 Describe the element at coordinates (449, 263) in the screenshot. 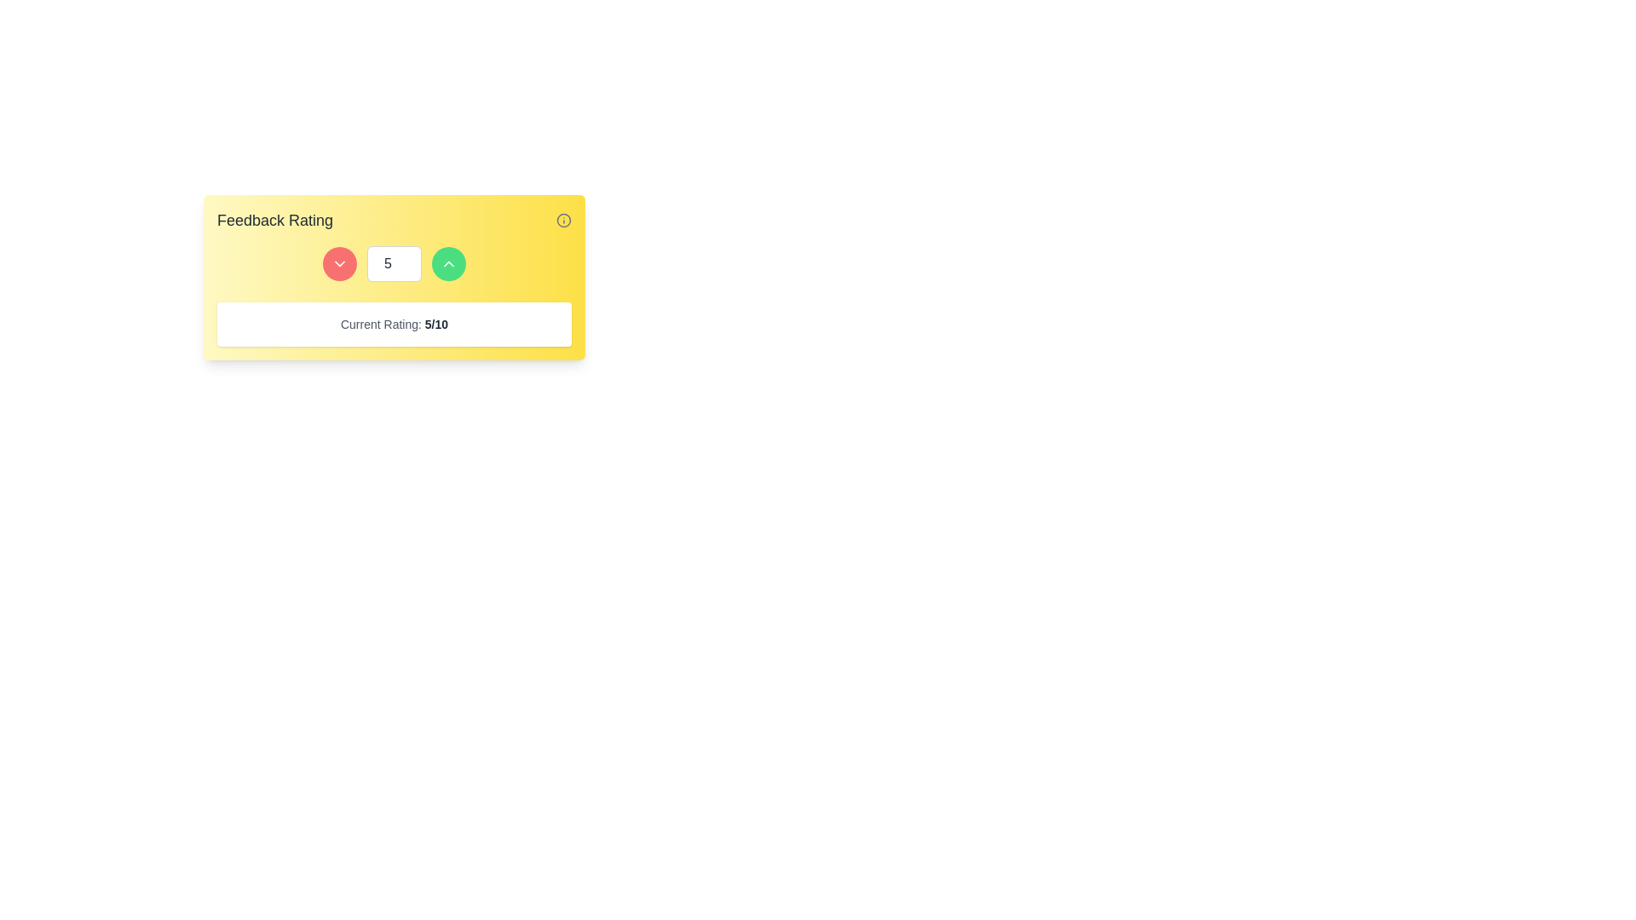

I see `the increment button located to the right of the input field displaying '5', which is the third button in a horizontal arrangement` at that location.